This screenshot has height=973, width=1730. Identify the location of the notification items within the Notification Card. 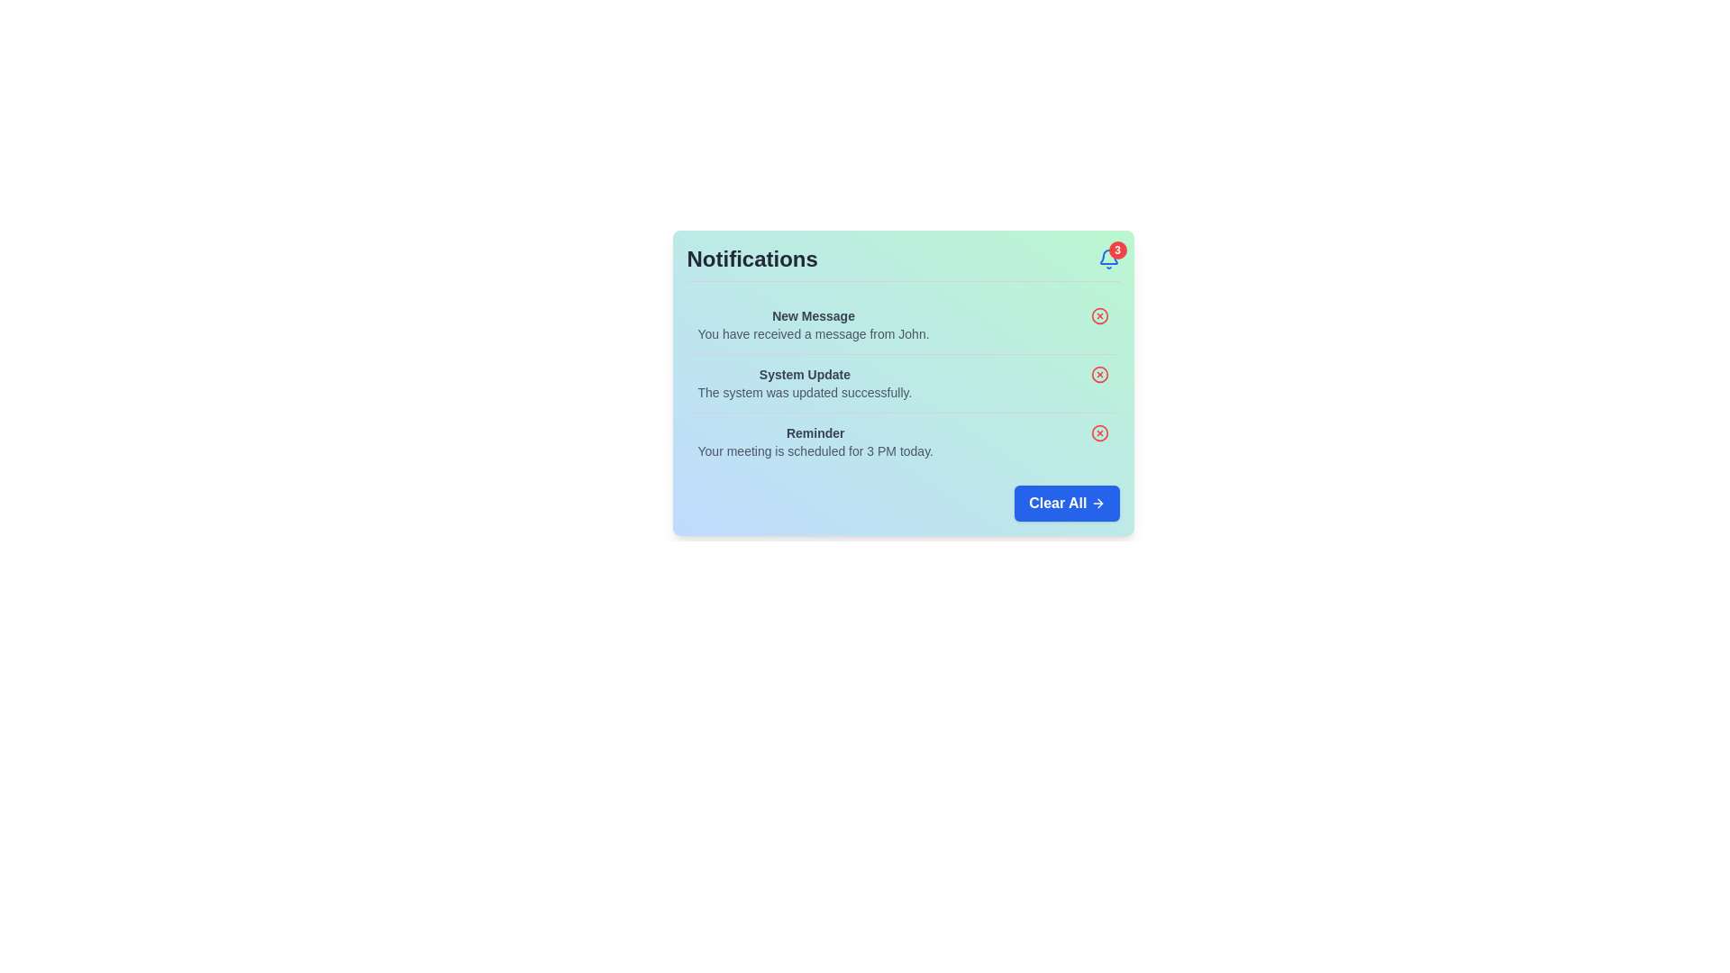
(903, 382).